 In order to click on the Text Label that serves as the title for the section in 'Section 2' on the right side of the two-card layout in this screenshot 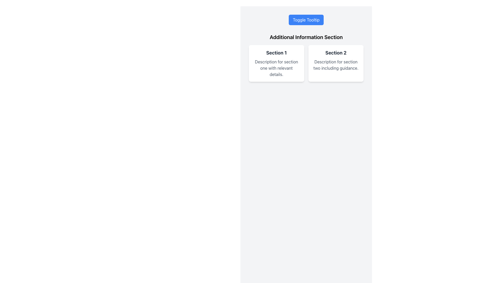, I will do `click(335, 53)`.